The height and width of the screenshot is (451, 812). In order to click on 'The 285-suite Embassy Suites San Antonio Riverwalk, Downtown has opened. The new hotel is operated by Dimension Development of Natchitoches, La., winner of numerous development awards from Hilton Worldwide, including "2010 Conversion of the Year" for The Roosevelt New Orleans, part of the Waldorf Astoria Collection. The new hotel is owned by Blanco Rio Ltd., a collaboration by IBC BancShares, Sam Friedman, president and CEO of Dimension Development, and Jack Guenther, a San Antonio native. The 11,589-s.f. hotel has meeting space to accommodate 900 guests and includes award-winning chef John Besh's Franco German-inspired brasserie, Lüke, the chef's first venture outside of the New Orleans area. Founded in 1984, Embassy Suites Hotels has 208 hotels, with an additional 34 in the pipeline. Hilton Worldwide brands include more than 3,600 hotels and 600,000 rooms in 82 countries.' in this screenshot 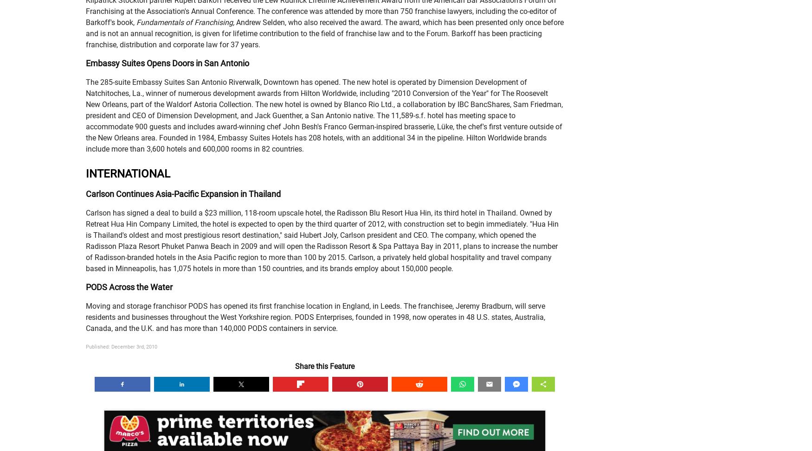, I will do `click(324, 115)`.